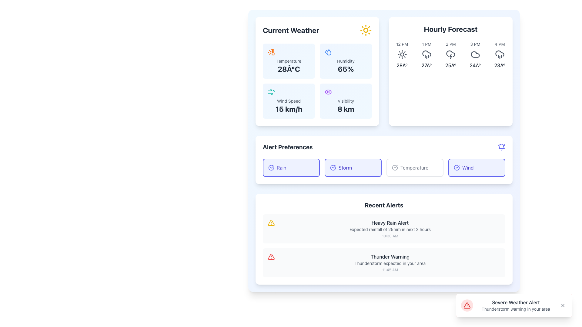 The image size is (582, 327). I want to click on the button within the 'Alert Preferences' section, so click(384, 160).